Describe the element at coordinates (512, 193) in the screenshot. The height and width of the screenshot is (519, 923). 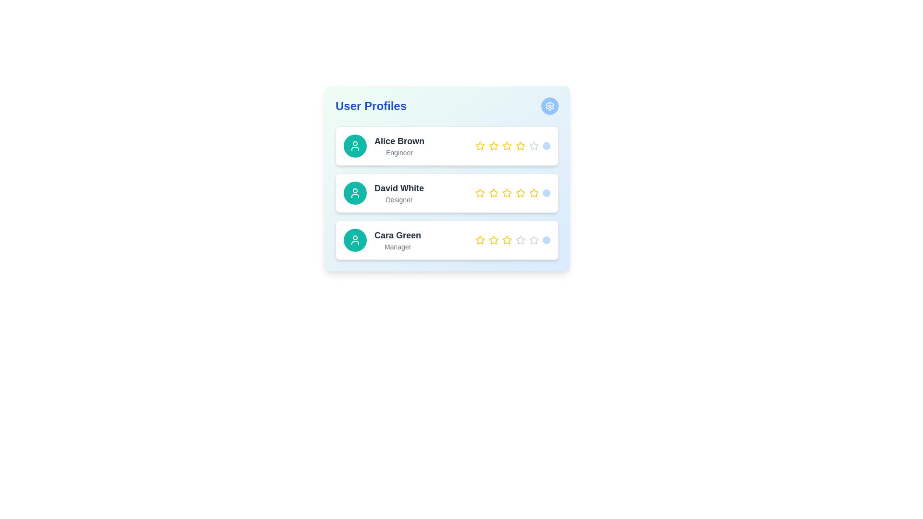
I see `the star icon in the rating system indicator for 'David White' to rate` at that location.